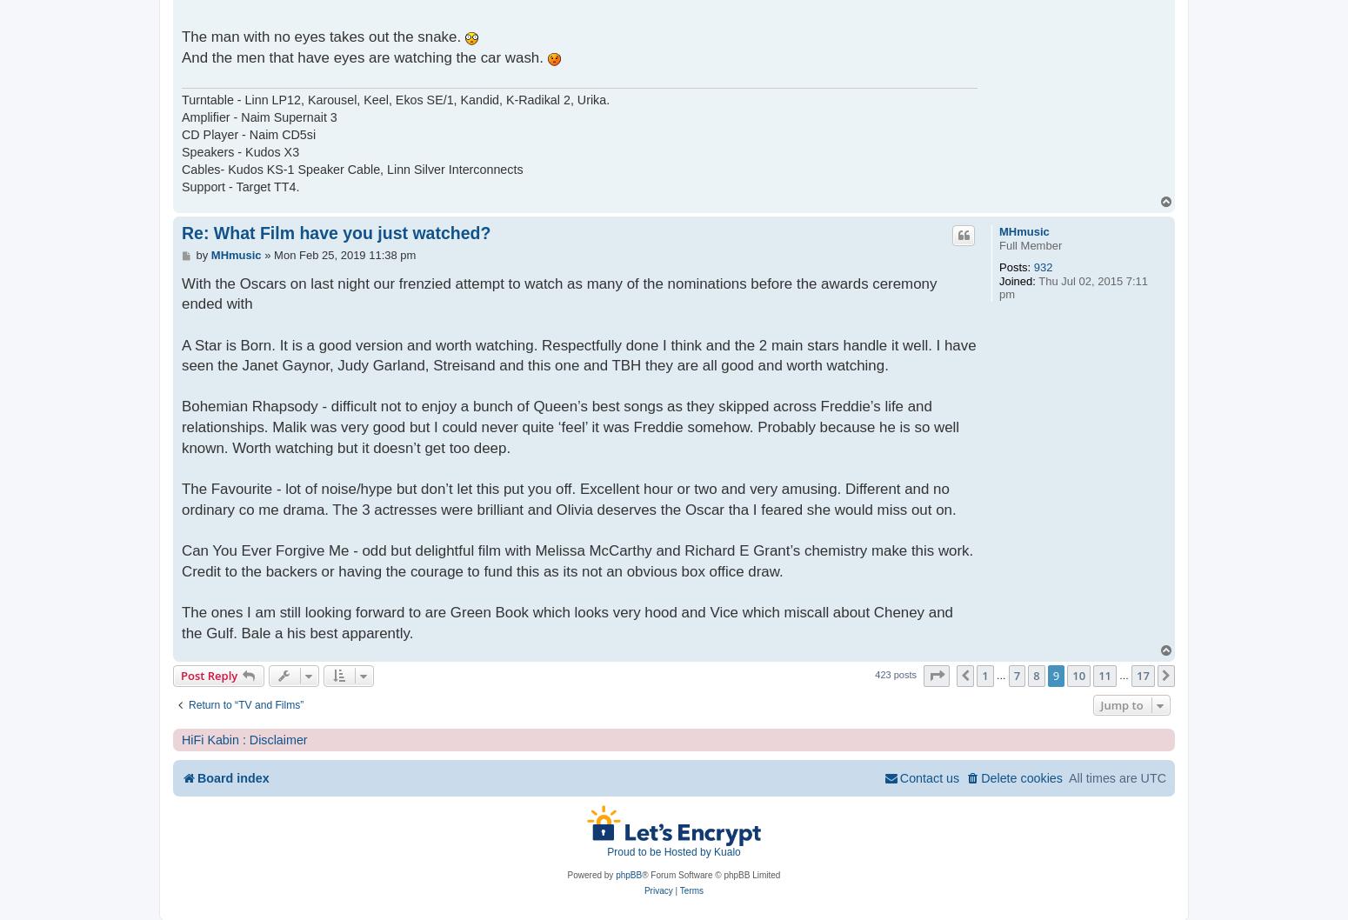 The image size is (1348, 920). What do you see at coordinates (1104, 675) in the screenshot?
I see `'11'` at bounding box center [1104, 675].